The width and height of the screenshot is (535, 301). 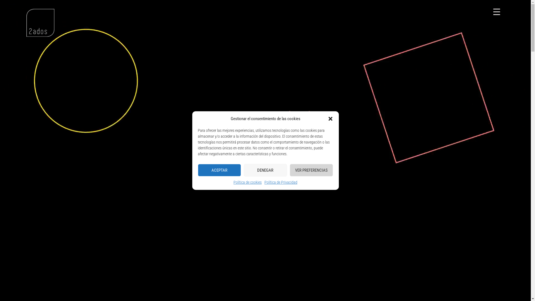 I want to click on 'VER PREFERENCIAS', so click(x=290, y=170).